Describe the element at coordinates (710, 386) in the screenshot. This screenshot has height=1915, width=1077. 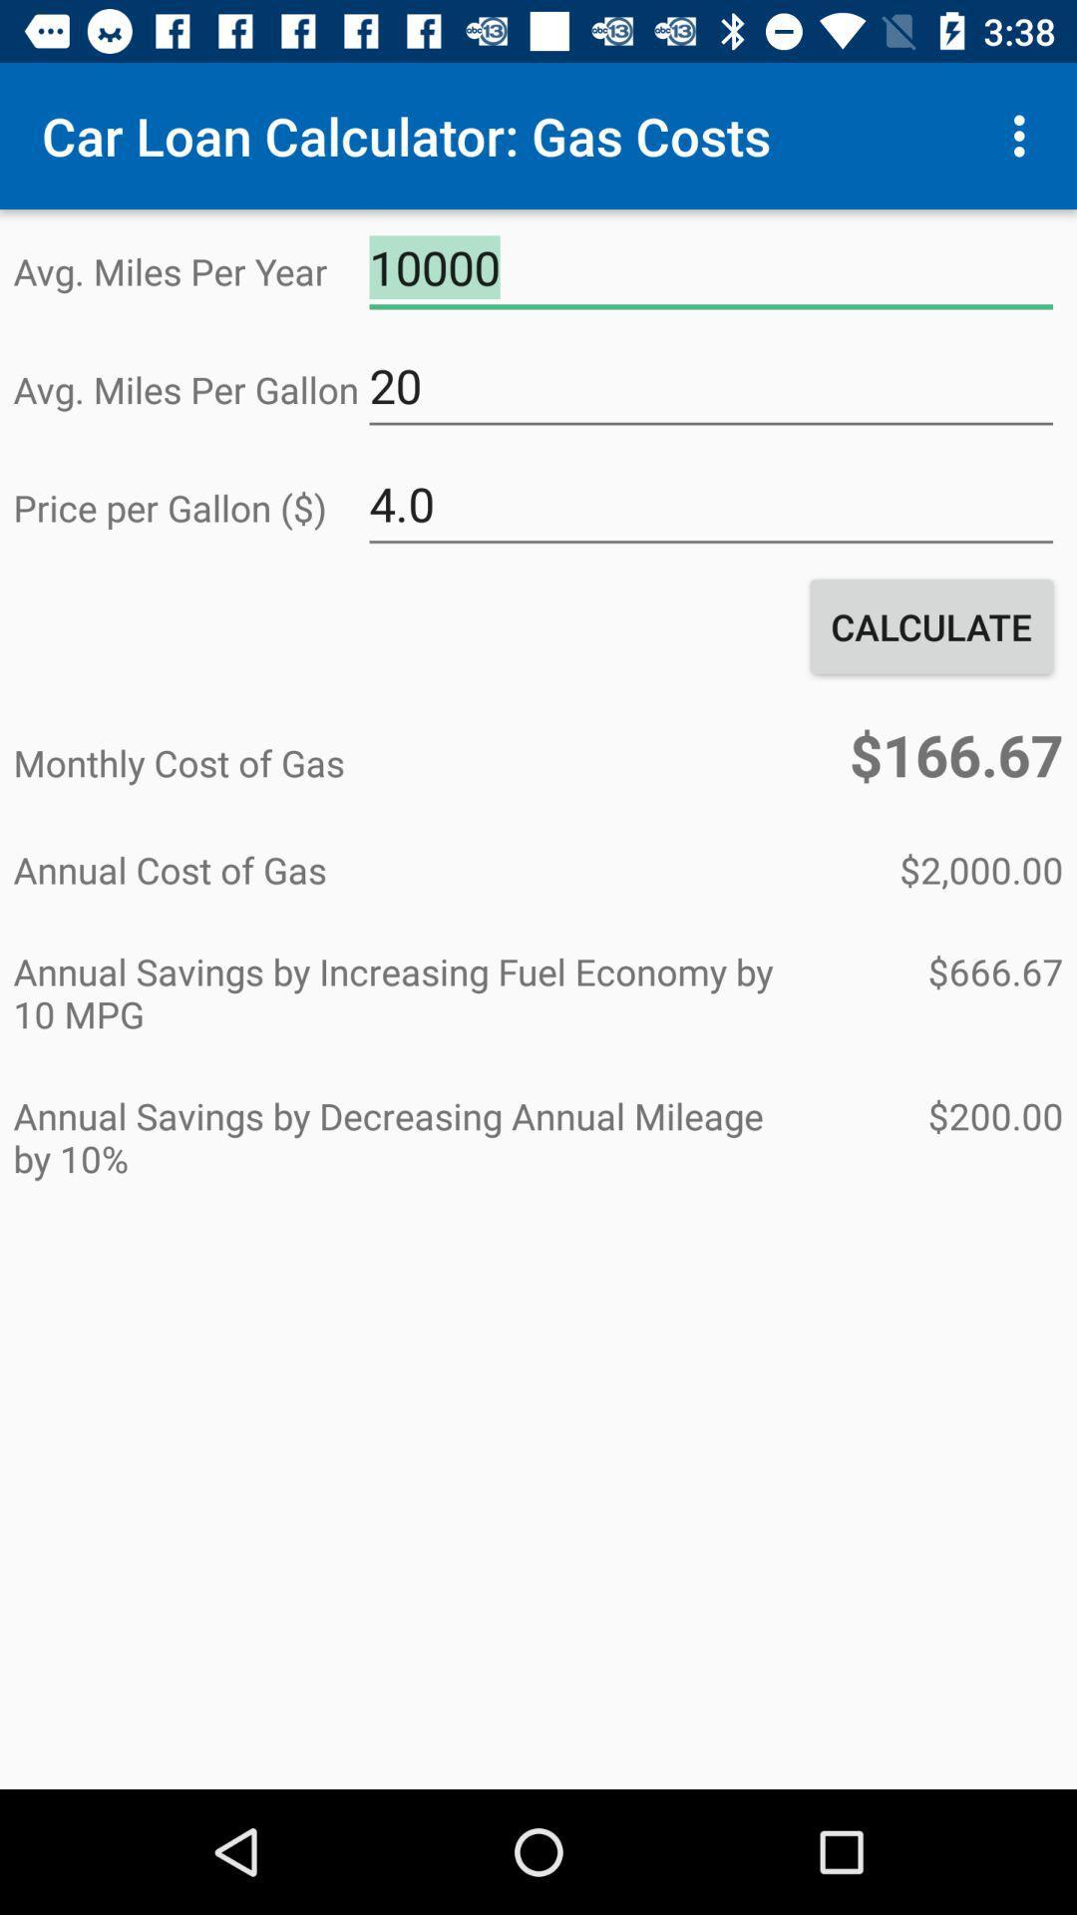
I see `the 20` at that location.